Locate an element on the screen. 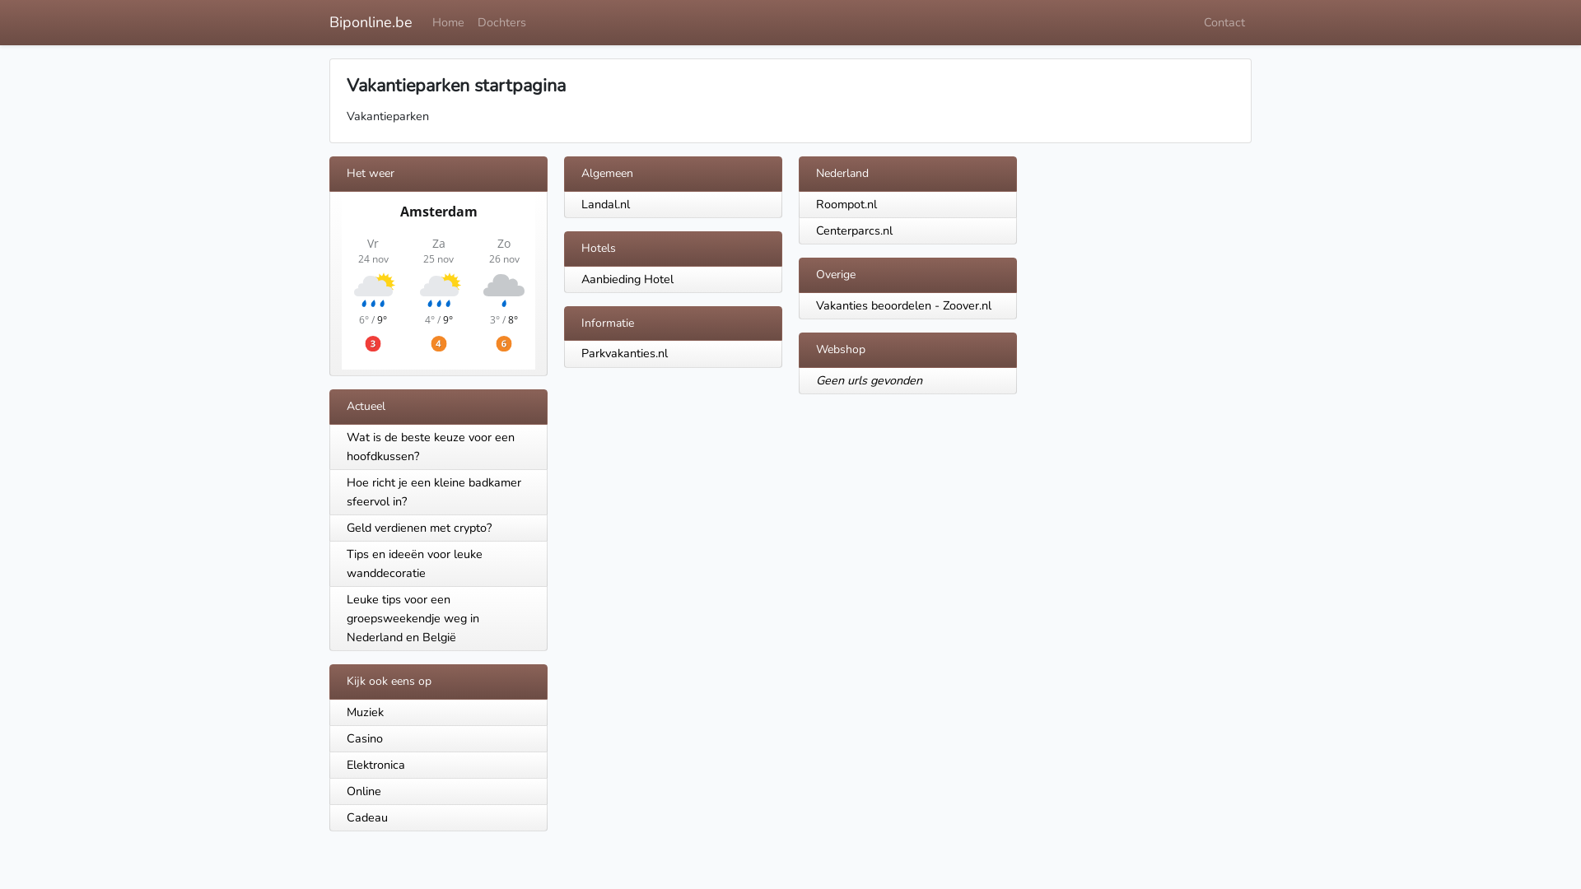  'Geld verdienen met crypto?' is located at coordinates (438, 528).